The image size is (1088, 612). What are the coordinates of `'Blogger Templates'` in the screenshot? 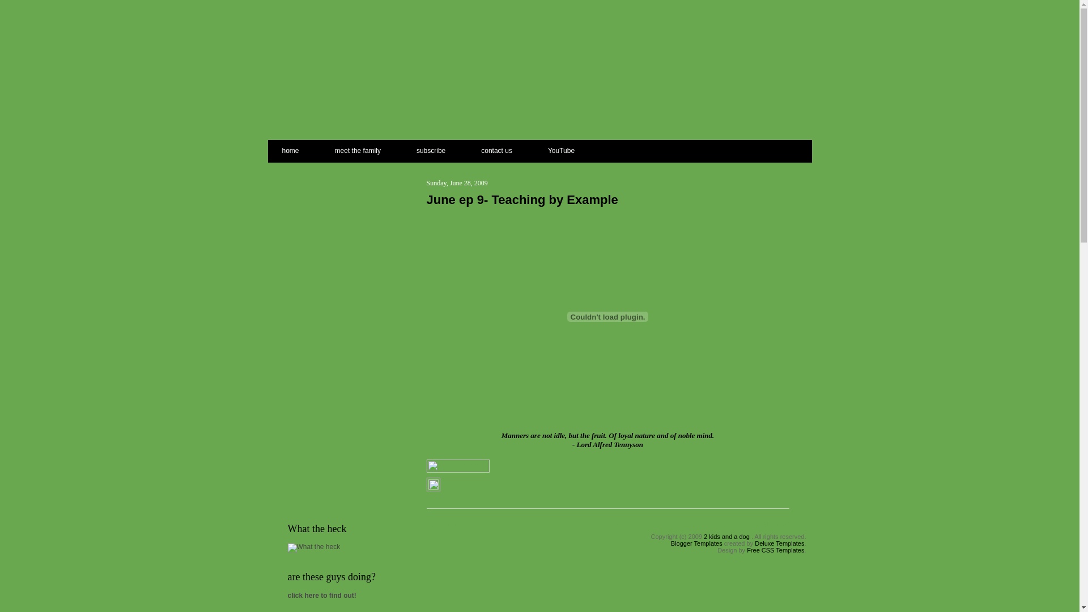 It's located at (696, 543).